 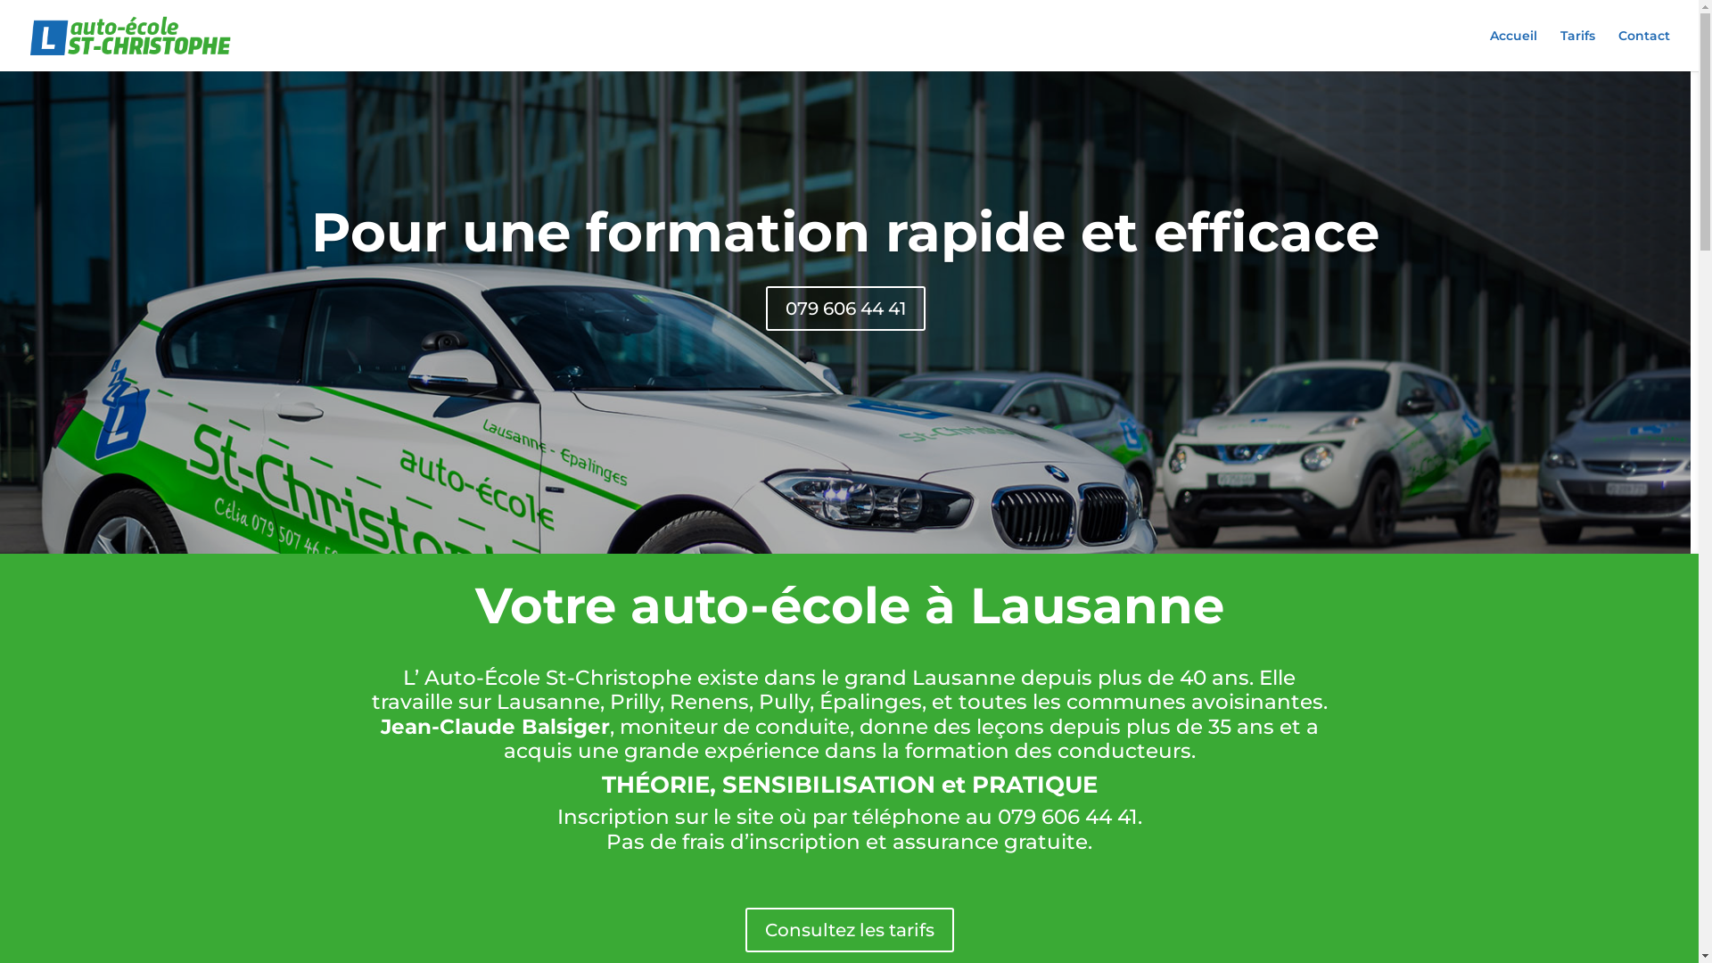 I want to click on 'Tarifs', so click(x=1560, y=49).